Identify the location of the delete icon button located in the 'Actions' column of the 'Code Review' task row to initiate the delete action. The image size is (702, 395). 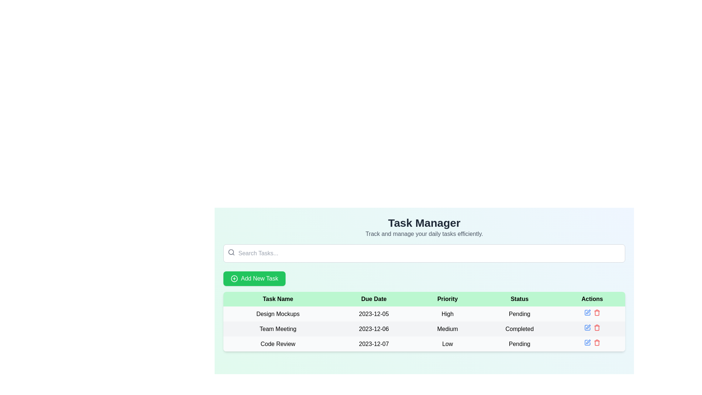
(597, 343).